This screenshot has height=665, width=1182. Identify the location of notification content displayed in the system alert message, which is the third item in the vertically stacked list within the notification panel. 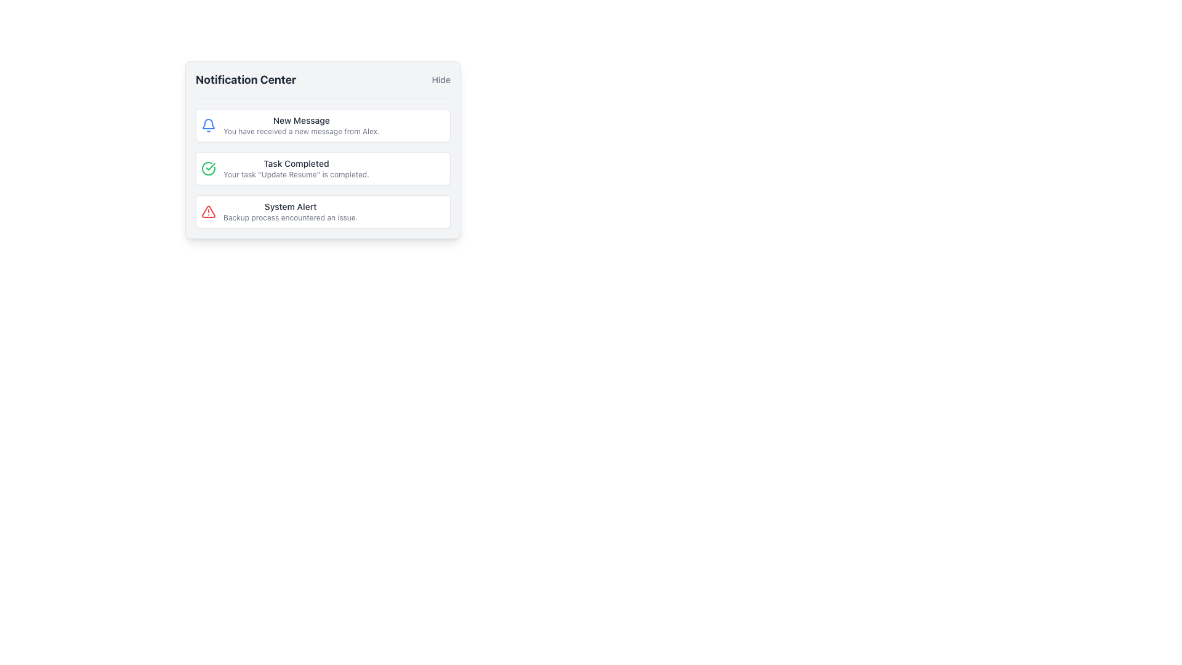
(290, 211).